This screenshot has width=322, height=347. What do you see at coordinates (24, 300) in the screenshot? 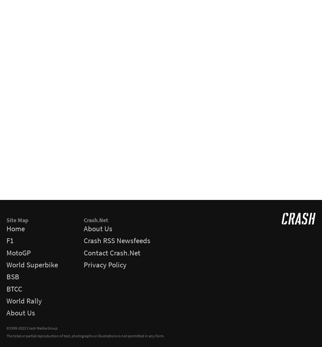
I see `'World Rally'` at bounding box center [24, 300].